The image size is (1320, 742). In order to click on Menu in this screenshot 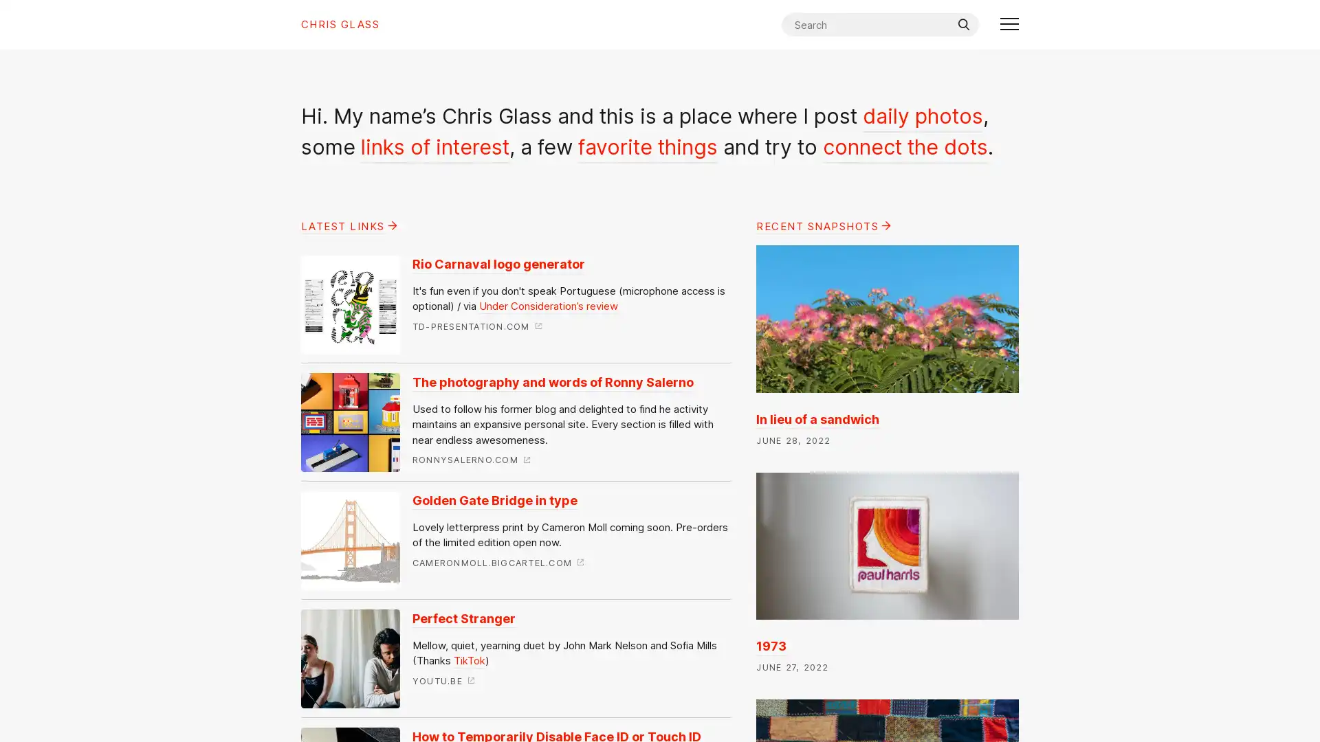, I will do `click(1009, 24)`.